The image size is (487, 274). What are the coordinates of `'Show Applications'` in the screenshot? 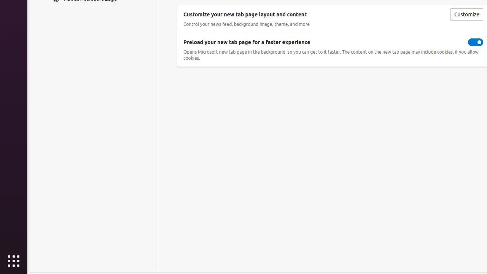 It's located at (13, 261).